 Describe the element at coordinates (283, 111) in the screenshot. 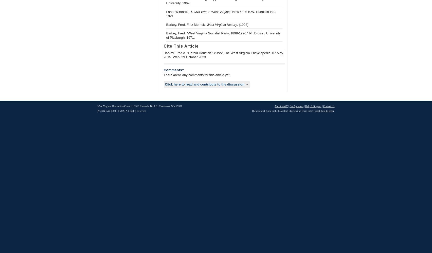

I see `'The essential guide to the Mountain State can be yours today!'` at that location.